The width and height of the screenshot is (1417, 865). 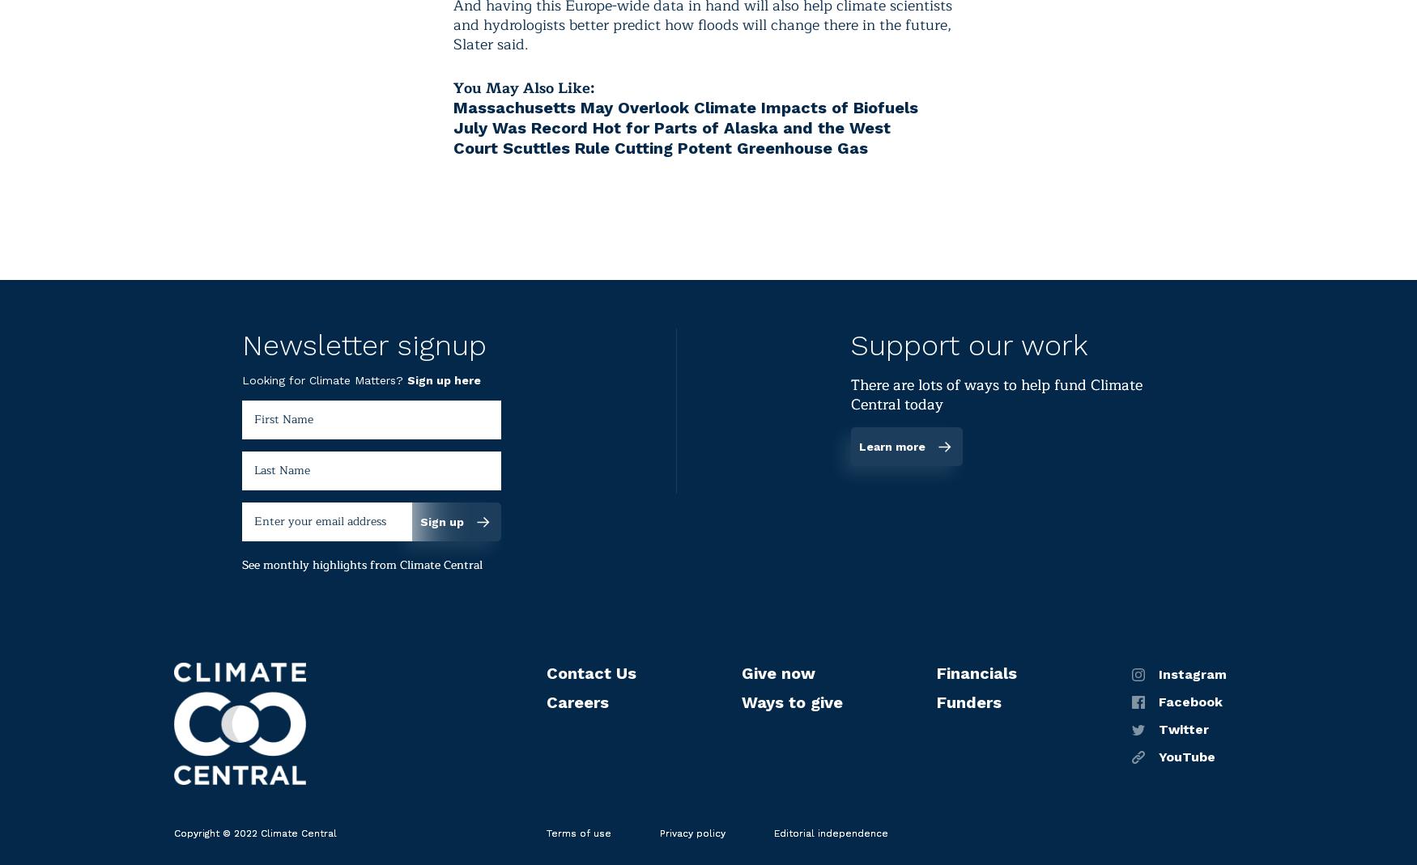 What do you see at coordinates (850, 344) in the screenshot?
I see `'Support our work'` at bounding box center [850, 344].